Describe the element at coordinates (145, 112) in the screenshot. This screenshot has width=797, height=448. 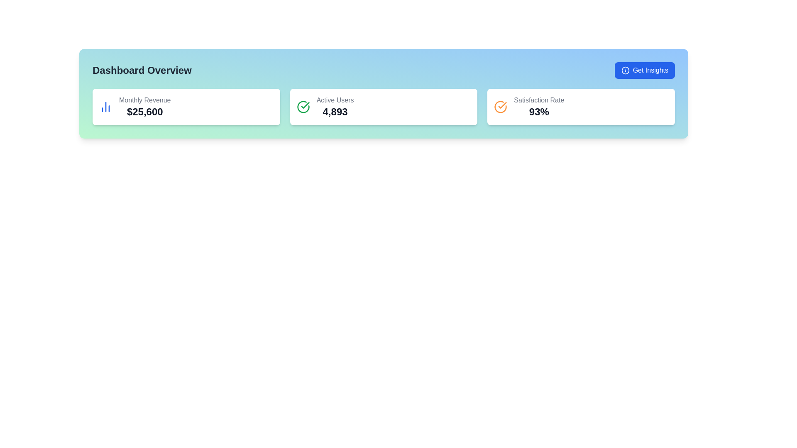
I see `the text display showing '$25,600' in bold font, located in the leftmost card beneath the 'Monthly Revenue' heading` at that location.